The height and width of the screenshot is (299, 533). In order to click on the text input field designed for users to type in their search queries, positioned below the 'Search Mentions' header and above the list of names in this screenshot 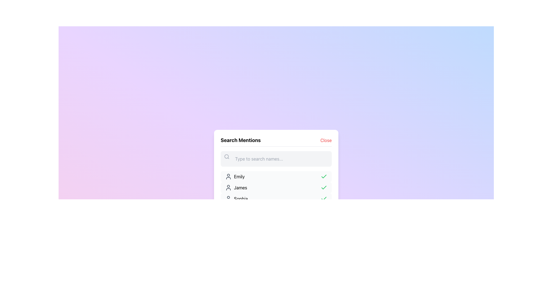, I will do `click(276, 159)`.